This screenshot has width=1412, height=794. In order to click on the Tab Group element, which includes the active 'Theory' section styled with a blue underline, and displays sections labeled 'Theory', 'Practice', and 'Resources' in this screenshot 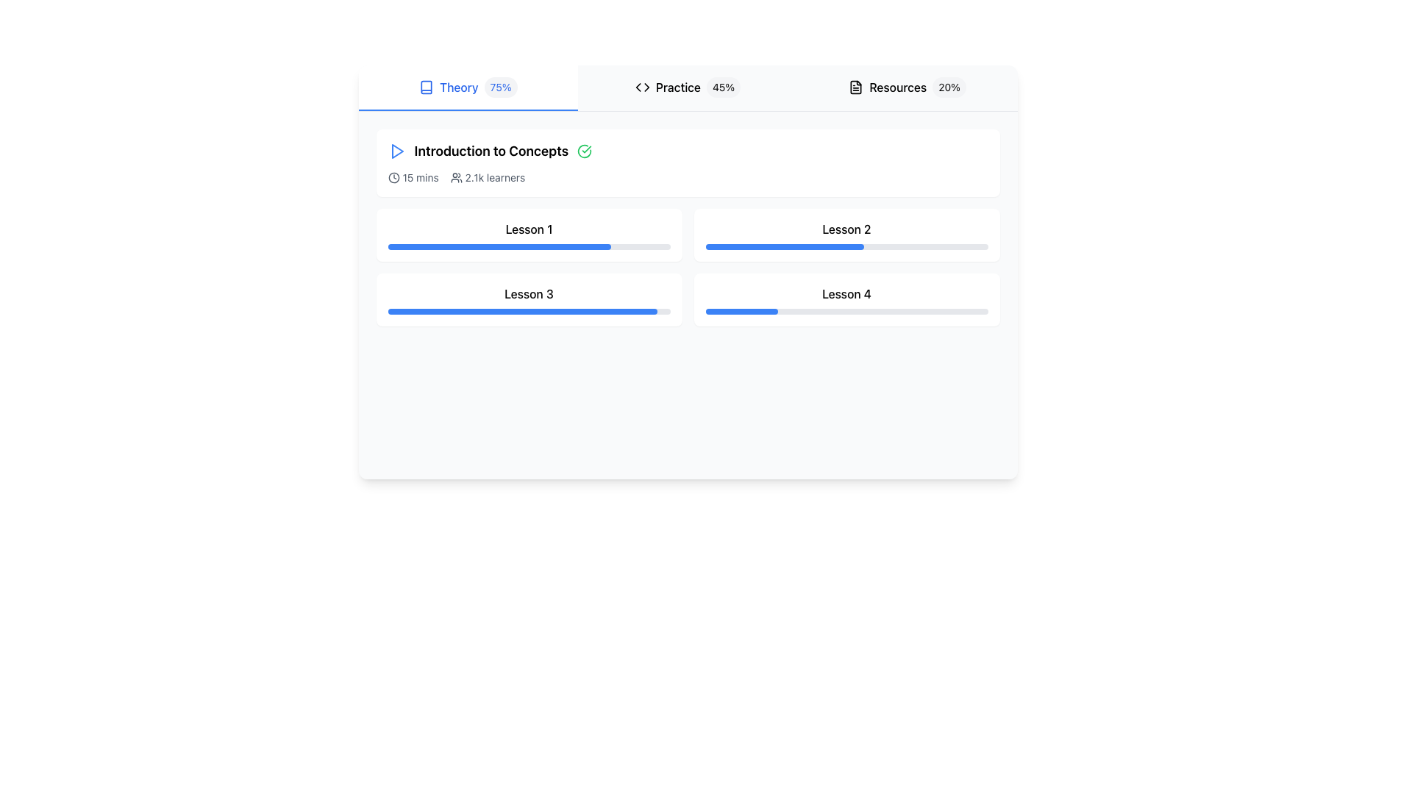, I will do `click(687, 88)`.